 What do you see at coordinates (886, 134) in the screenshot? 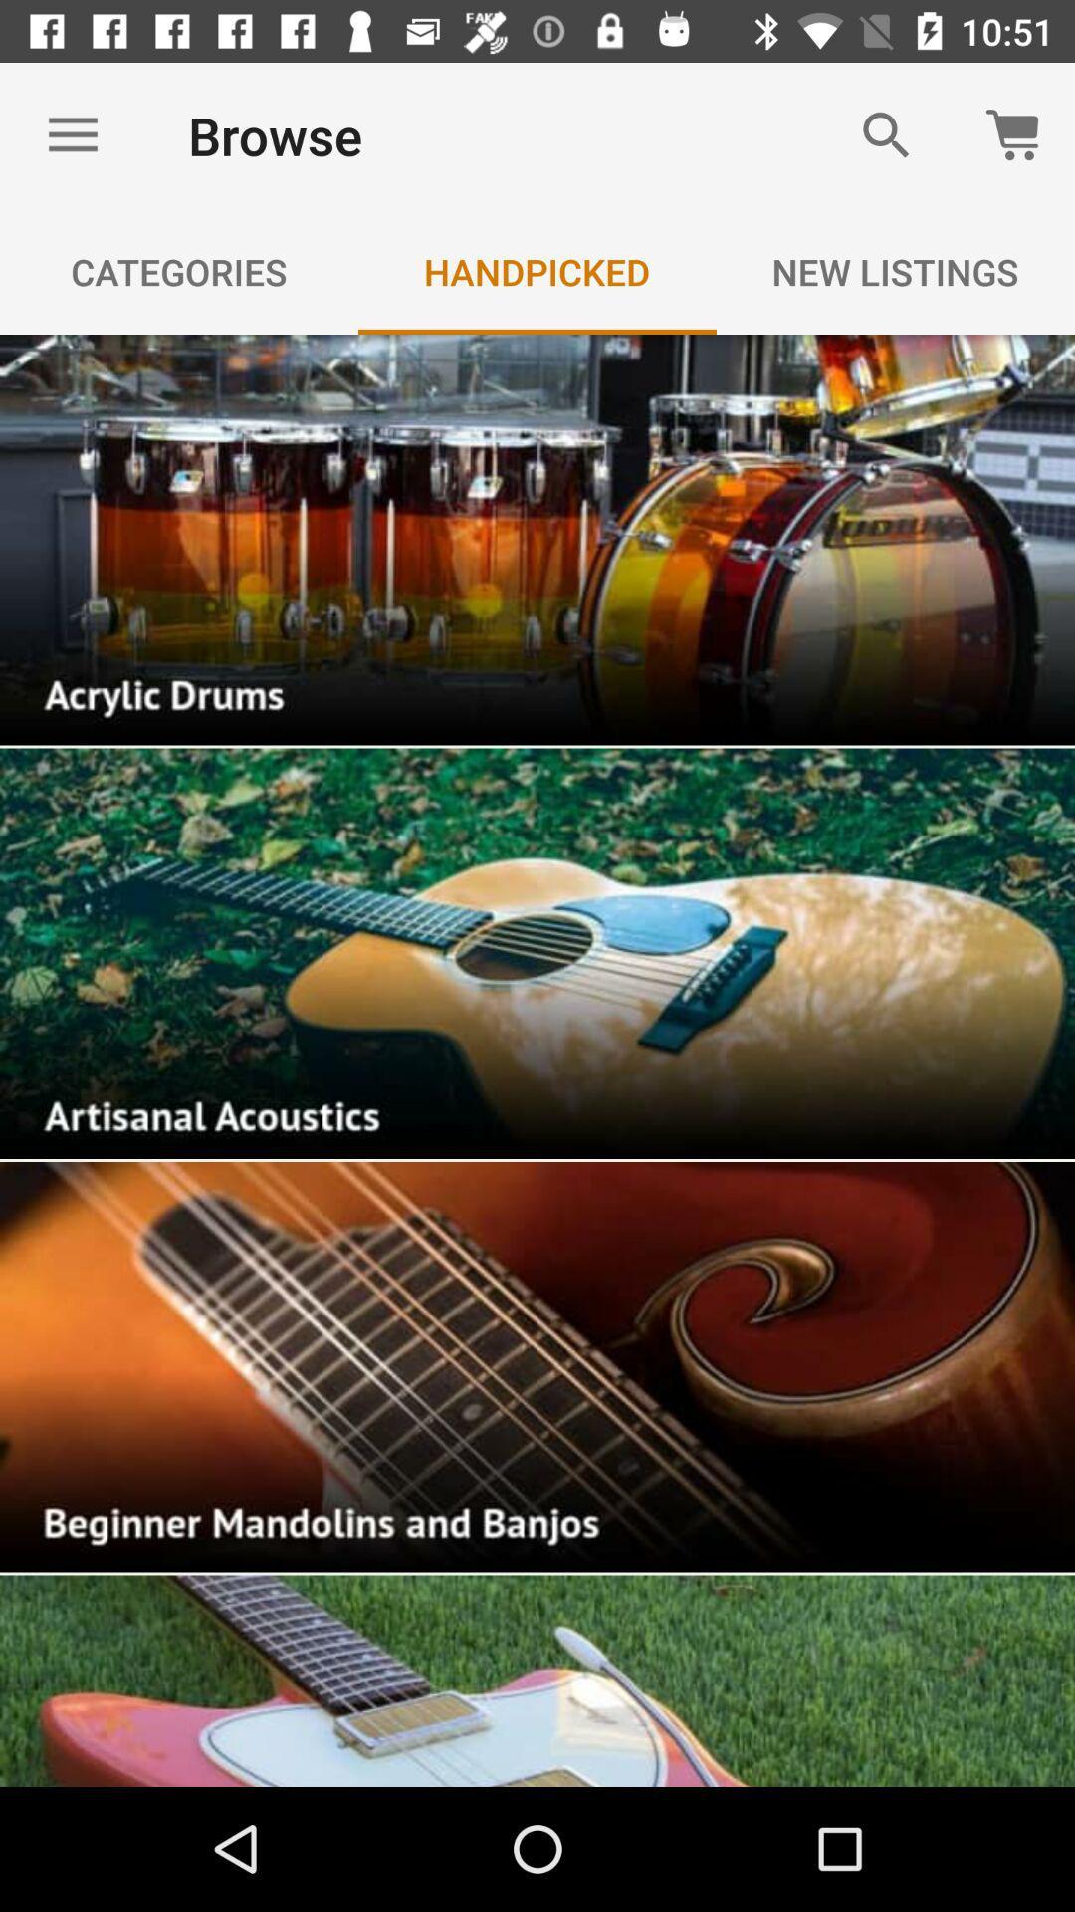
I see `the item to the right of browse` at bounding box center [886, 134].